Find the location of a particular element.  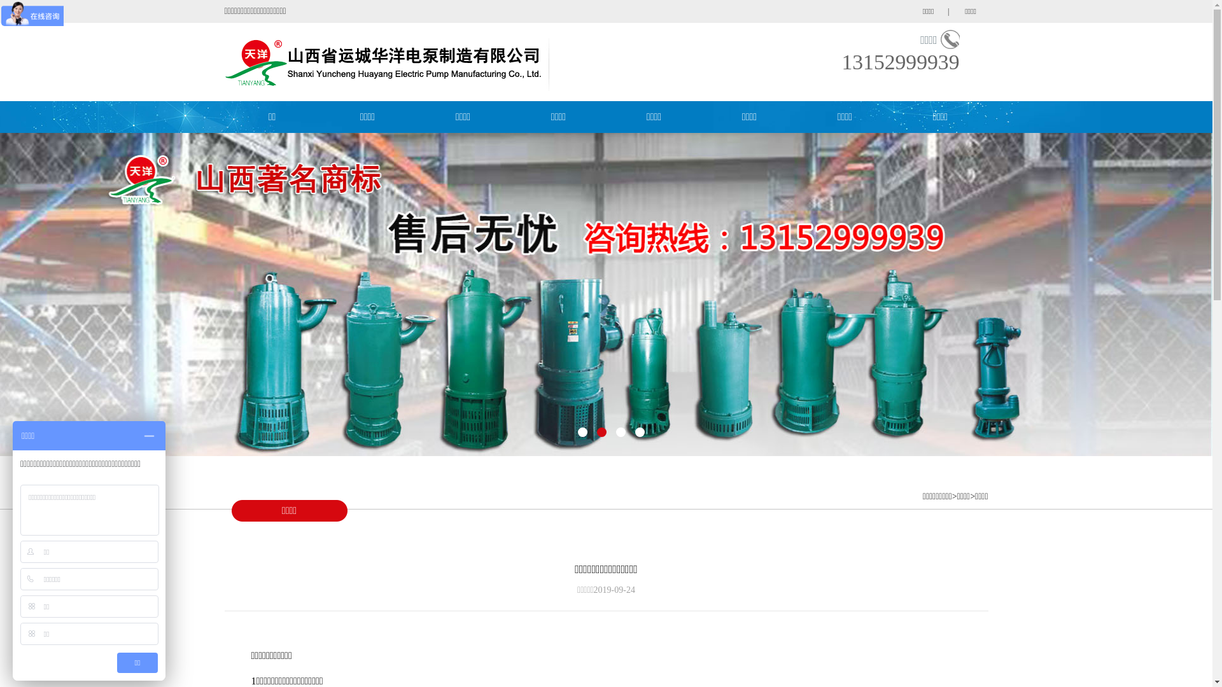

'4' is located at coordinates (635, 431).